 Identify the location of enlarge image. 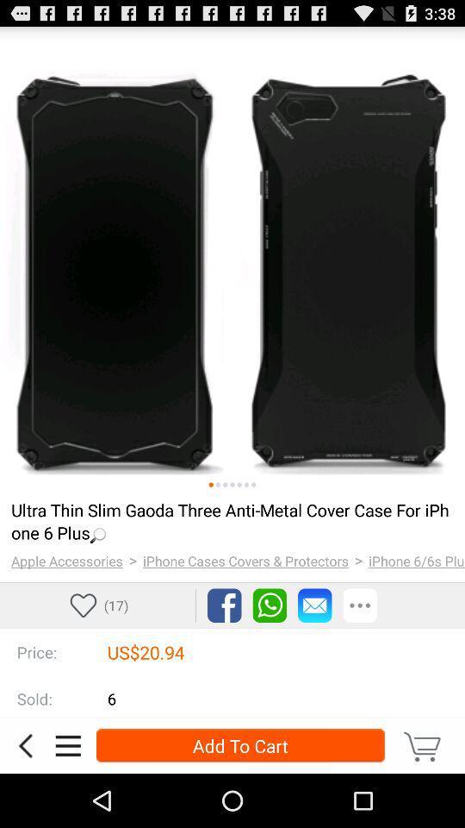
(232, 260).